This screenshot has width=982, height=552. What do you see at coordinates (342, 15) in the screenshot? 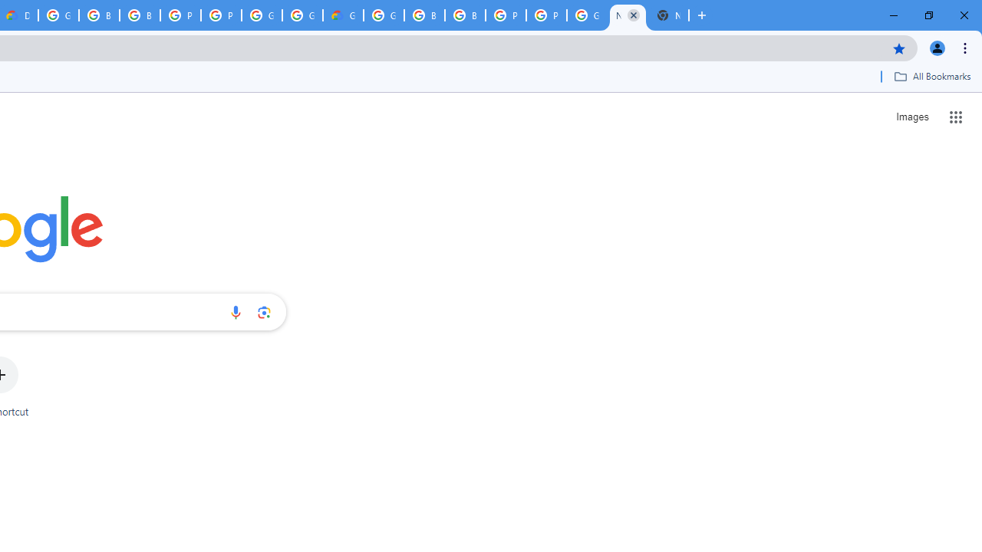
I see `'Google Cloud Estimate Summary'` at bounding box center [342, 15].